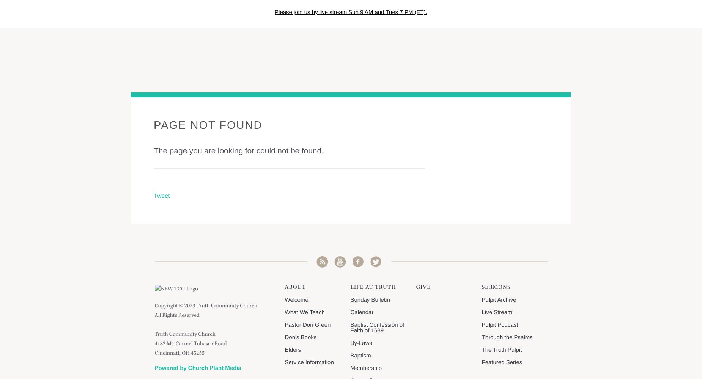  I want to click on 'Copyright © 2023 Truth Community Church', so click(206, 306).